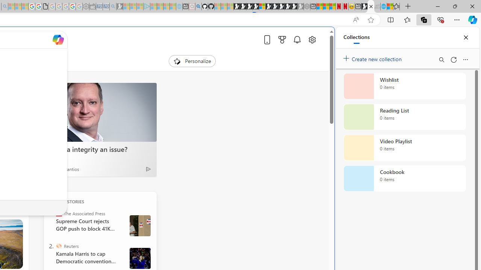  Describe the element at coordinates (404, 117) in the screenshot. I see `'Reading List collection, 0 items'` at that location.